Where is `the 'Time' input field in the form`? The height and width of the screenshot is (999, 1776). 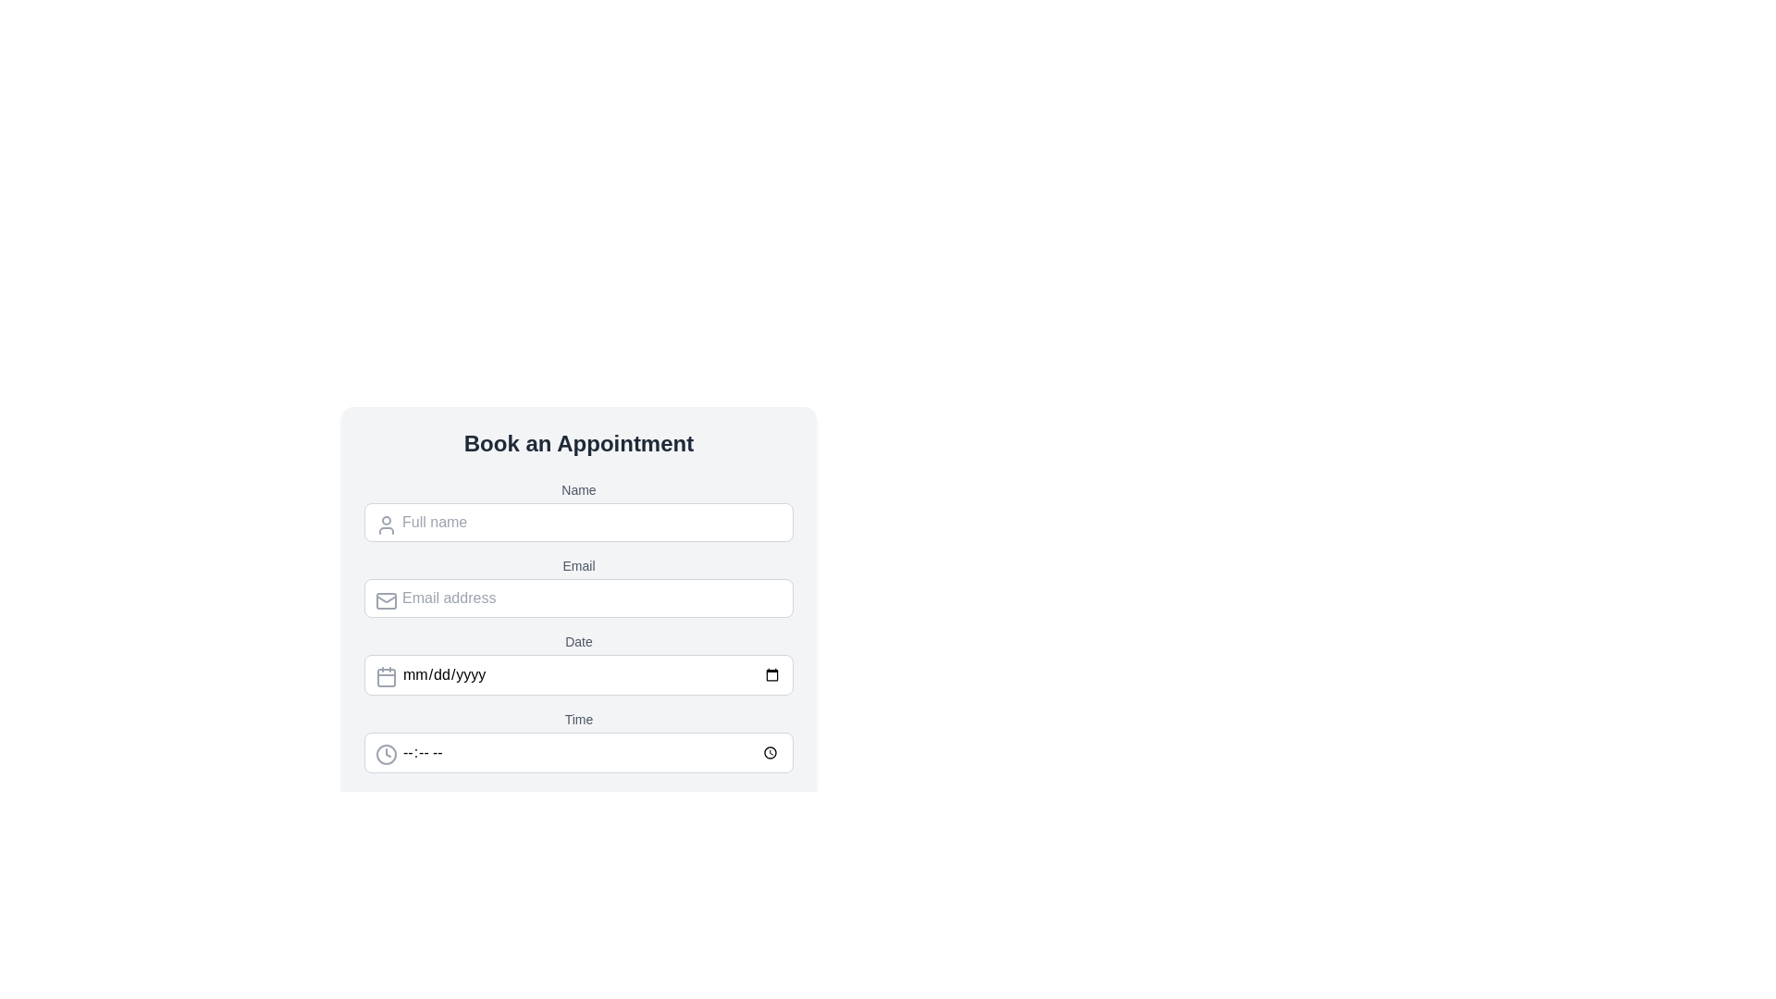 the 'Time' input field in the form is located at coordinates (577, 741).